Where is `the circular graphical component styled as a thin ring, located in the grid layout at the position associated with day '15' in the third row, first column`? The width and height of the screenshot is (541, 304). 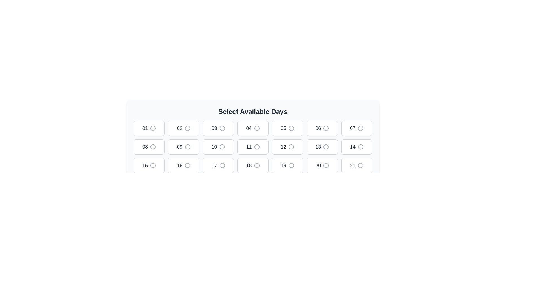 the circular graphical component styled as a thin ring, located in the grid layout at the position associated with day '15' in the third row, first column is located at coordinates (153, 165).